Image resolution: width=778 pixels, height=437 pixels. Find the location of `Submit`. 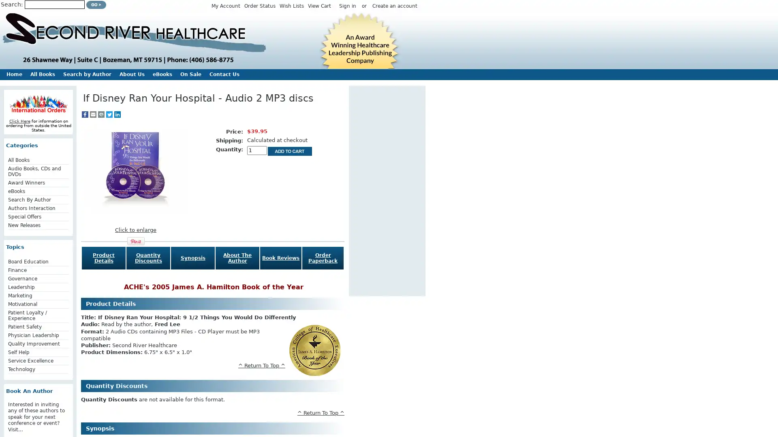

Submit is located at coordinates (96, 4).